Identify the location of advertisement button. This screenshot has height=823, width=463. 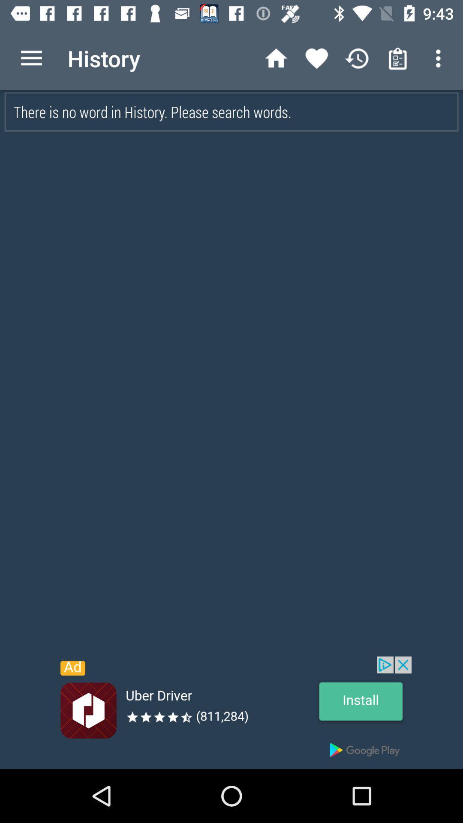
(231, 712).